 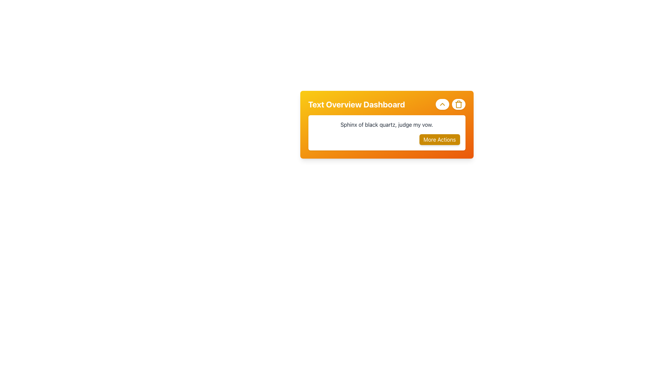 I want to click on the deletion button represented by a trash can icon located in the top-right corner of the 'Text Overview Dashboard', so click(x=450, y=104).